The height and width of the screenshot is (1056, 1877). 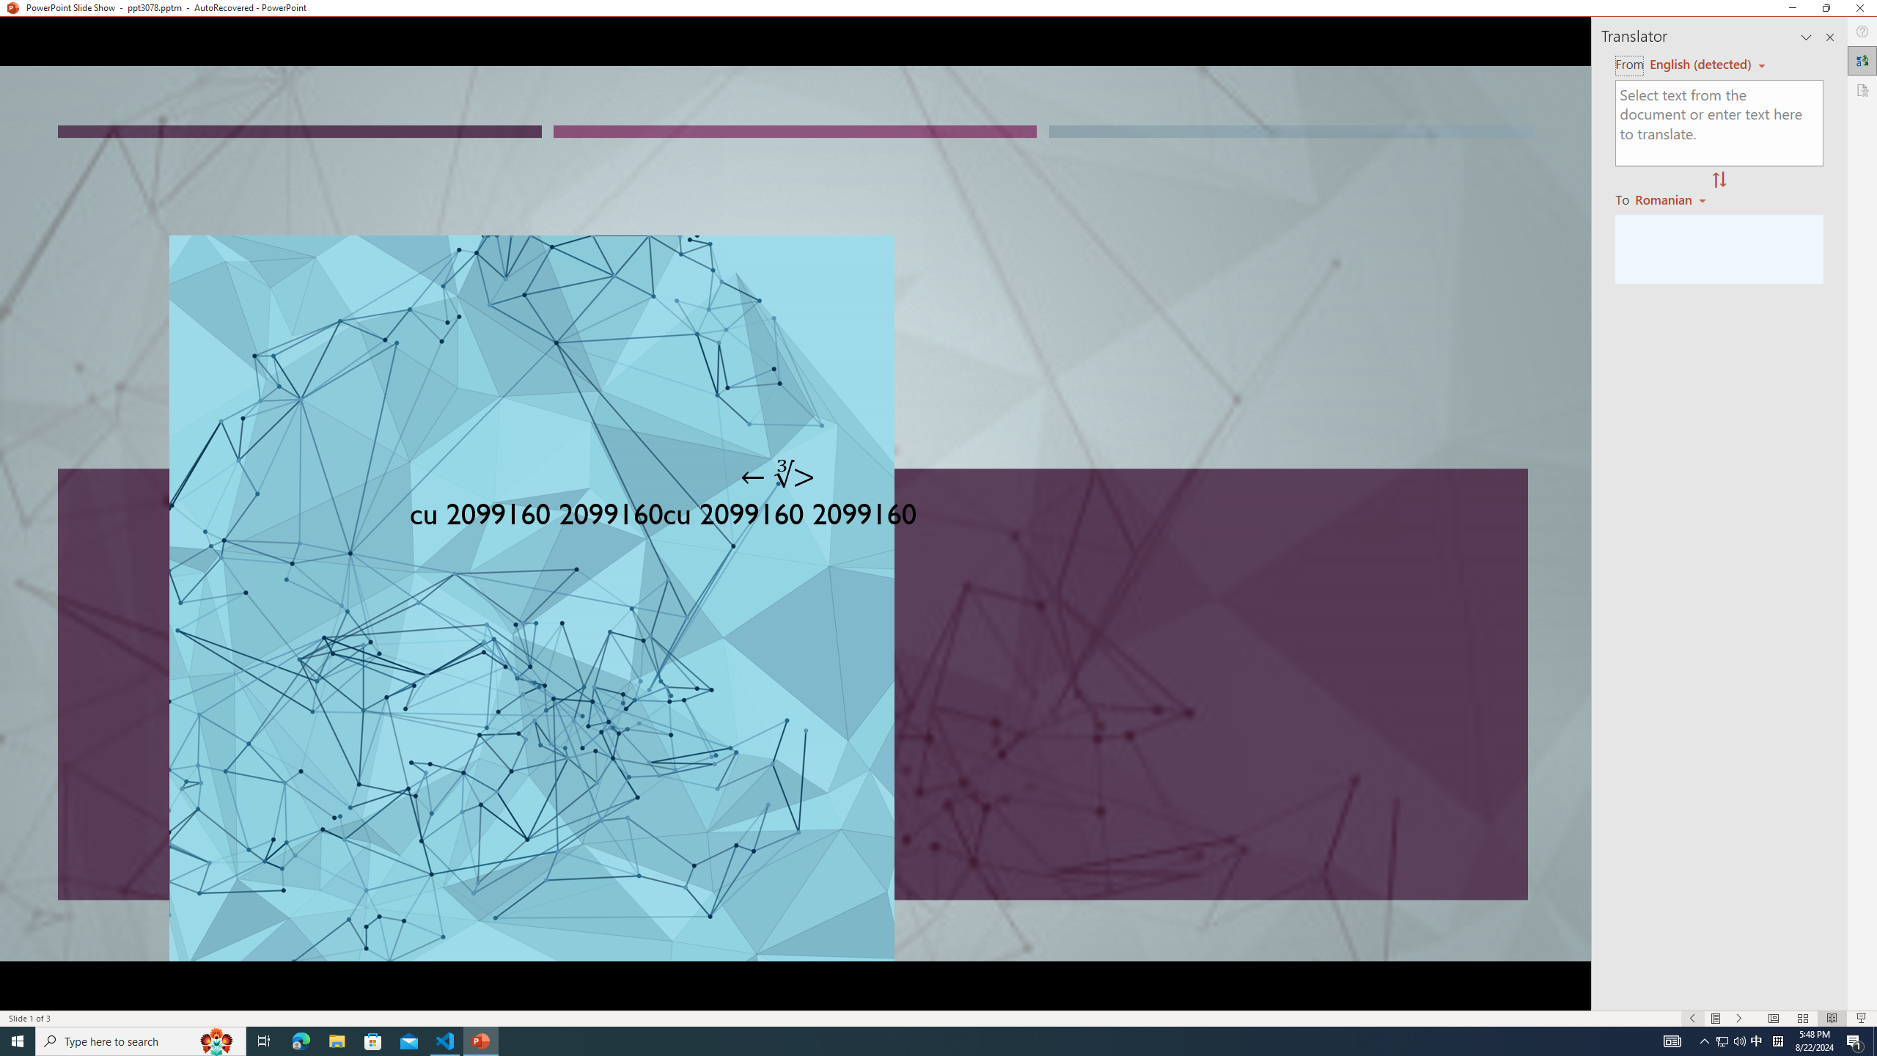 I want to click on 'Slide Show Next On', so click(x=1739, y=1019).